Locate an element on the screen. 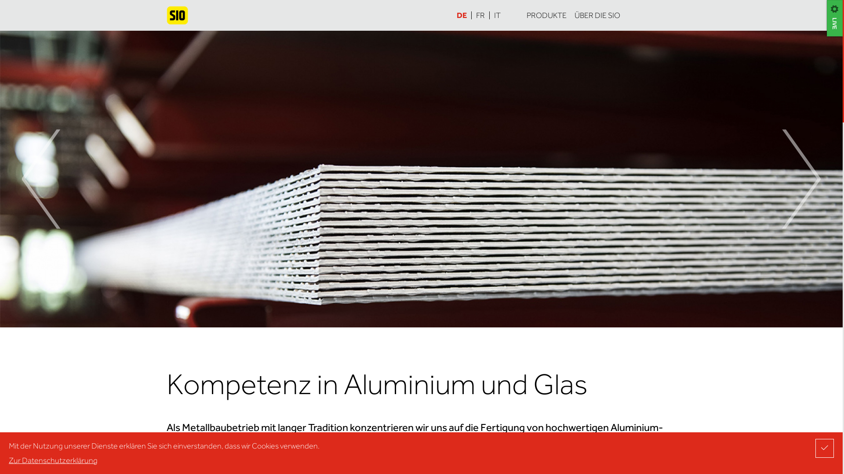  'PRODUKTE' is located at coordinates (546, 15).